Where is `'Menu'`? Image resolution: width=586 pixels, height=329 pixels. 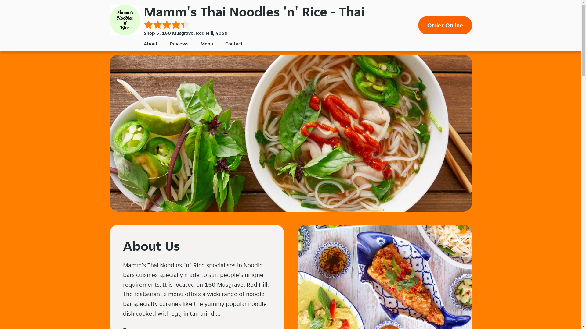
'Menu' is located at coordinates (206, 43).